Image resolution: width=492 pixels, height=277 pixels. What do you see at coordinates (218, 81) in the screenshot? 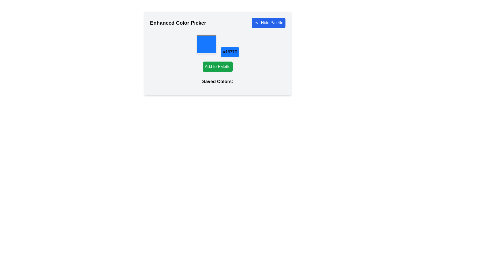
I see `the text label displaying 'Saved Colors:' which is styled in a larger font and bold weight, positioned at the bottom of the interface above a grid-like section` at bounding box center [218, 81].